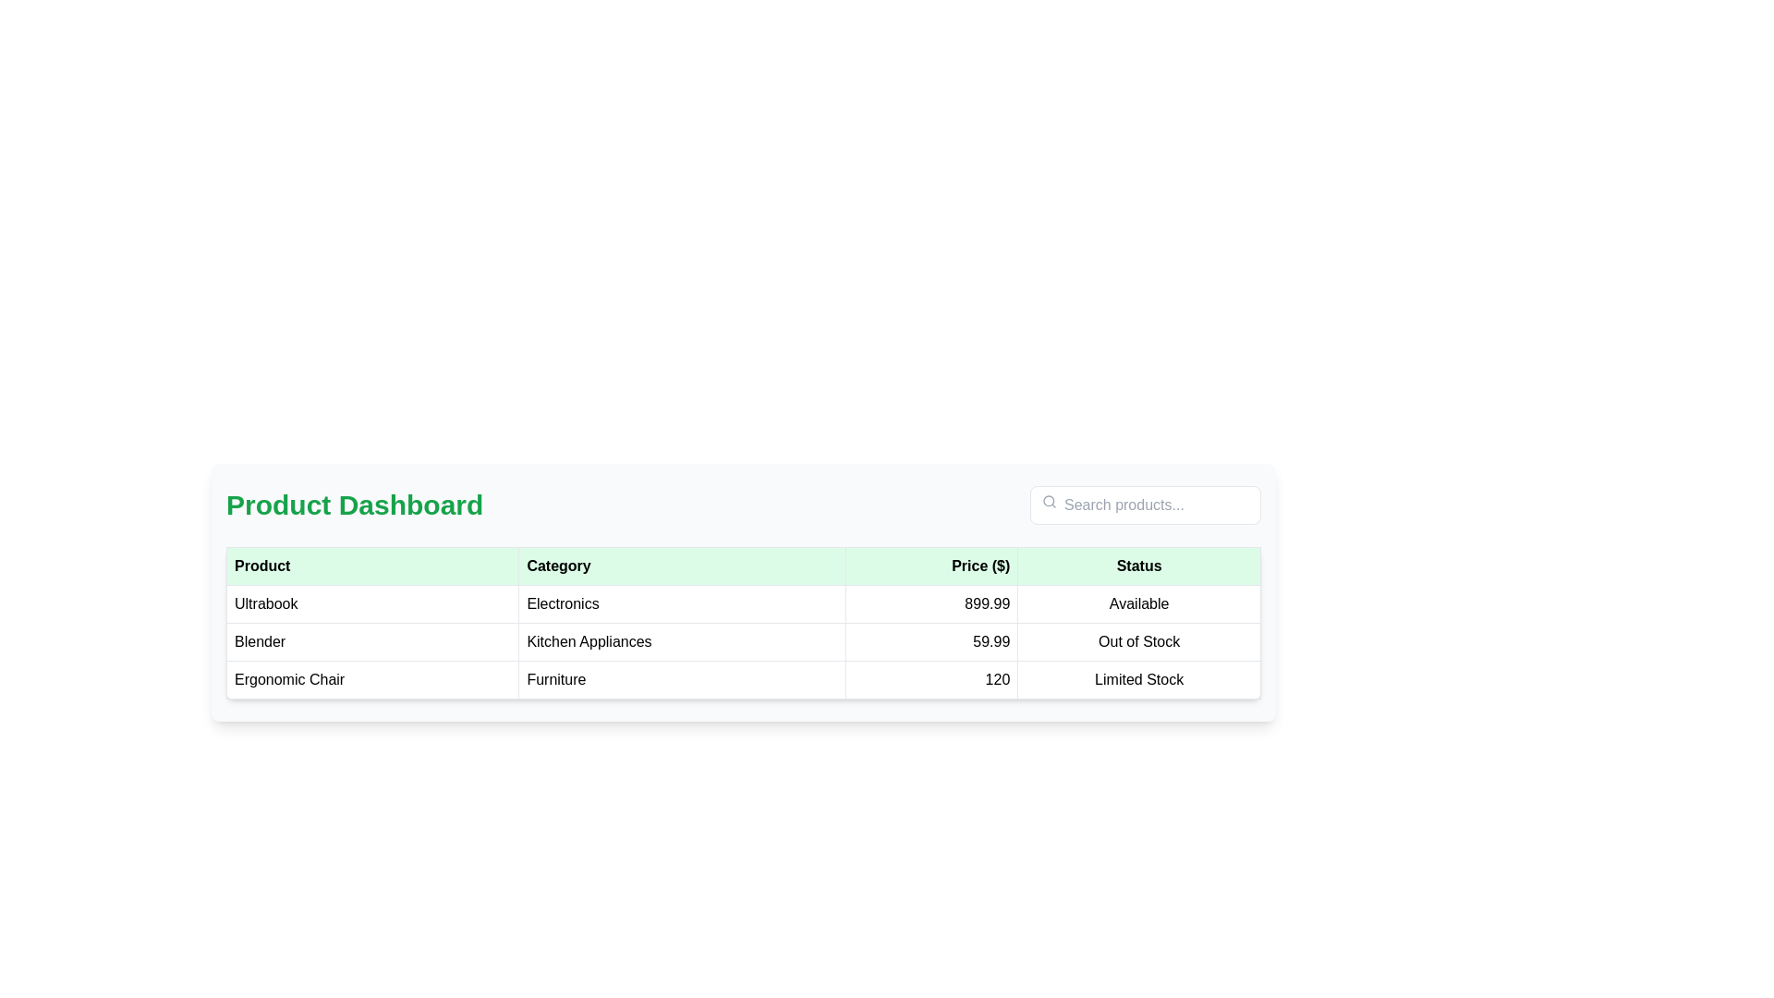 This screenshot has height=998, width=1774. What do you see at coordinates (681, 604) in the screenshot?
I see `the text label displaying 'Electronics' in the second cell of the table row under the 'Category' column for reading` at bounding box center [681, 604].